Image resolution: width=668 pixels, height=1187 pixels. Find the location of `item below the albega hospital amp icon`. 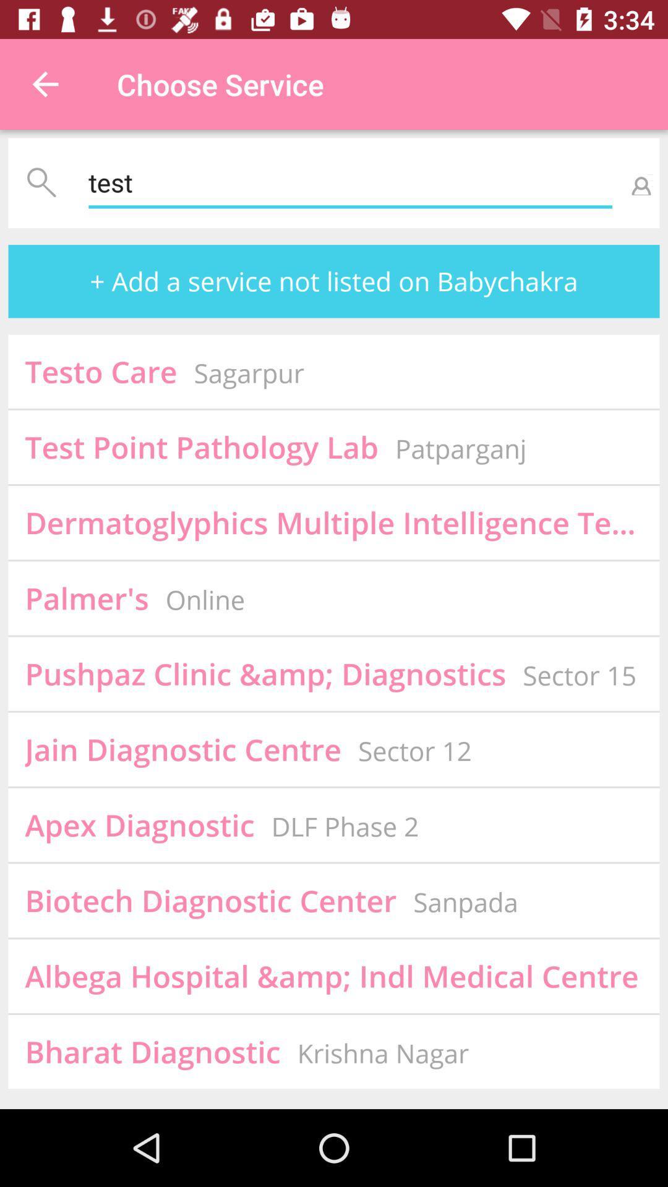

item below the albega hospital amp icon is located at coordinates (382, 1052).